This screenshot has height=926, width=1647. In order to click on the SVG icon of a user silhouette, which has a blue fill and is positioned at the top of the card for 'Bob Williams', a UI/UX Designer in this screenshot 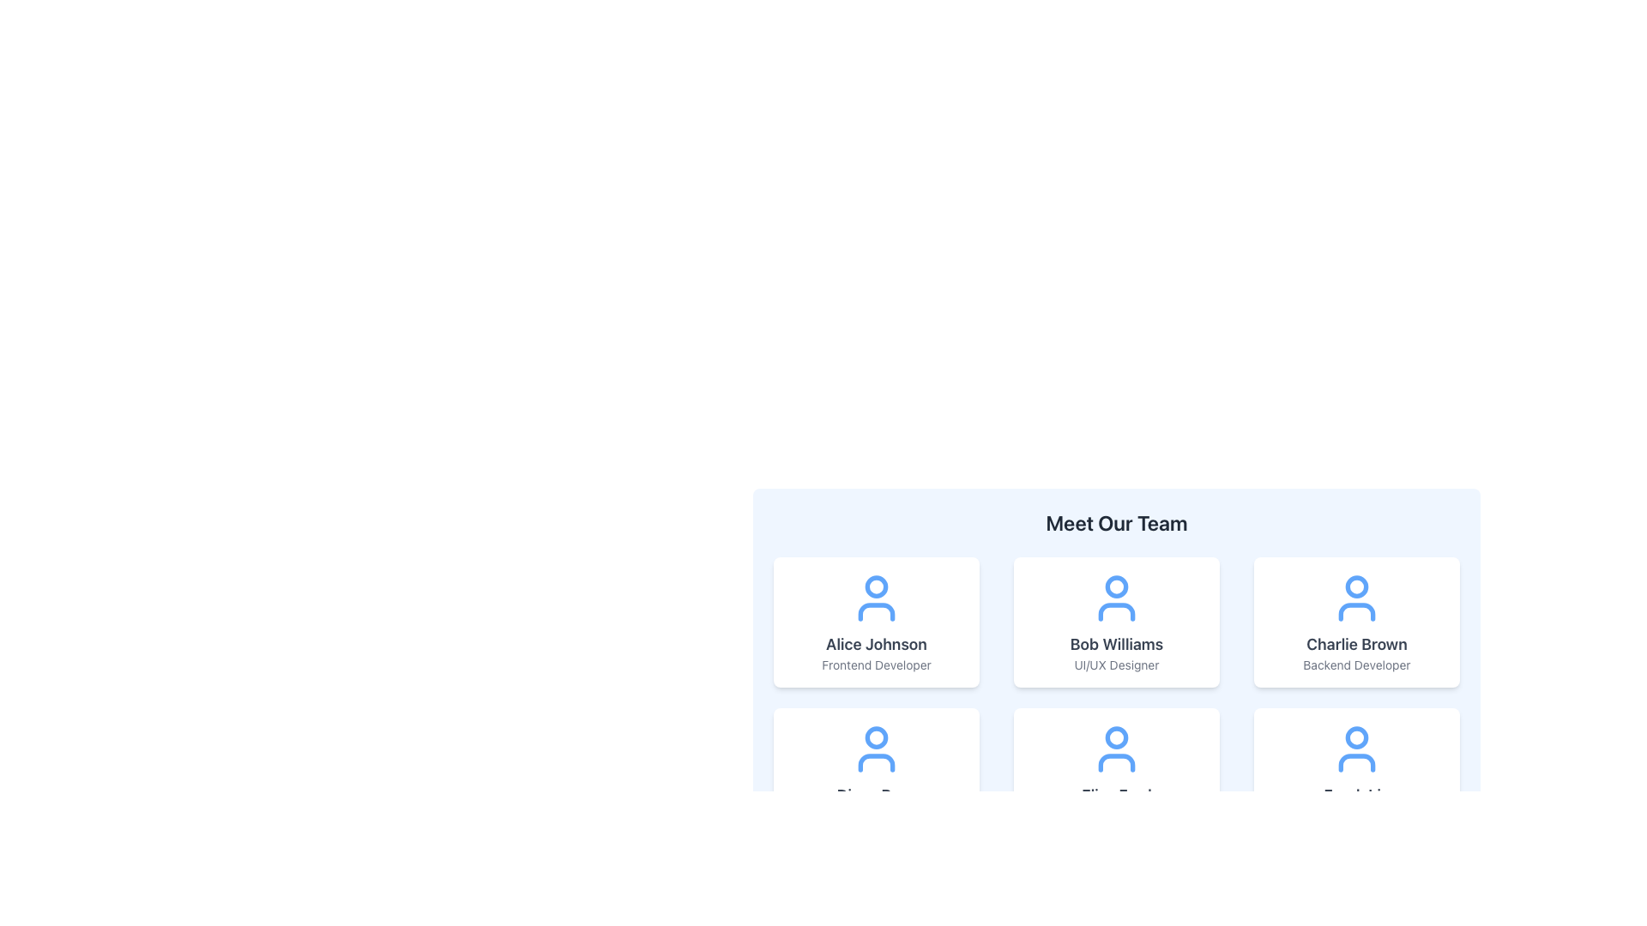, I will do `click(1116, 598)`.